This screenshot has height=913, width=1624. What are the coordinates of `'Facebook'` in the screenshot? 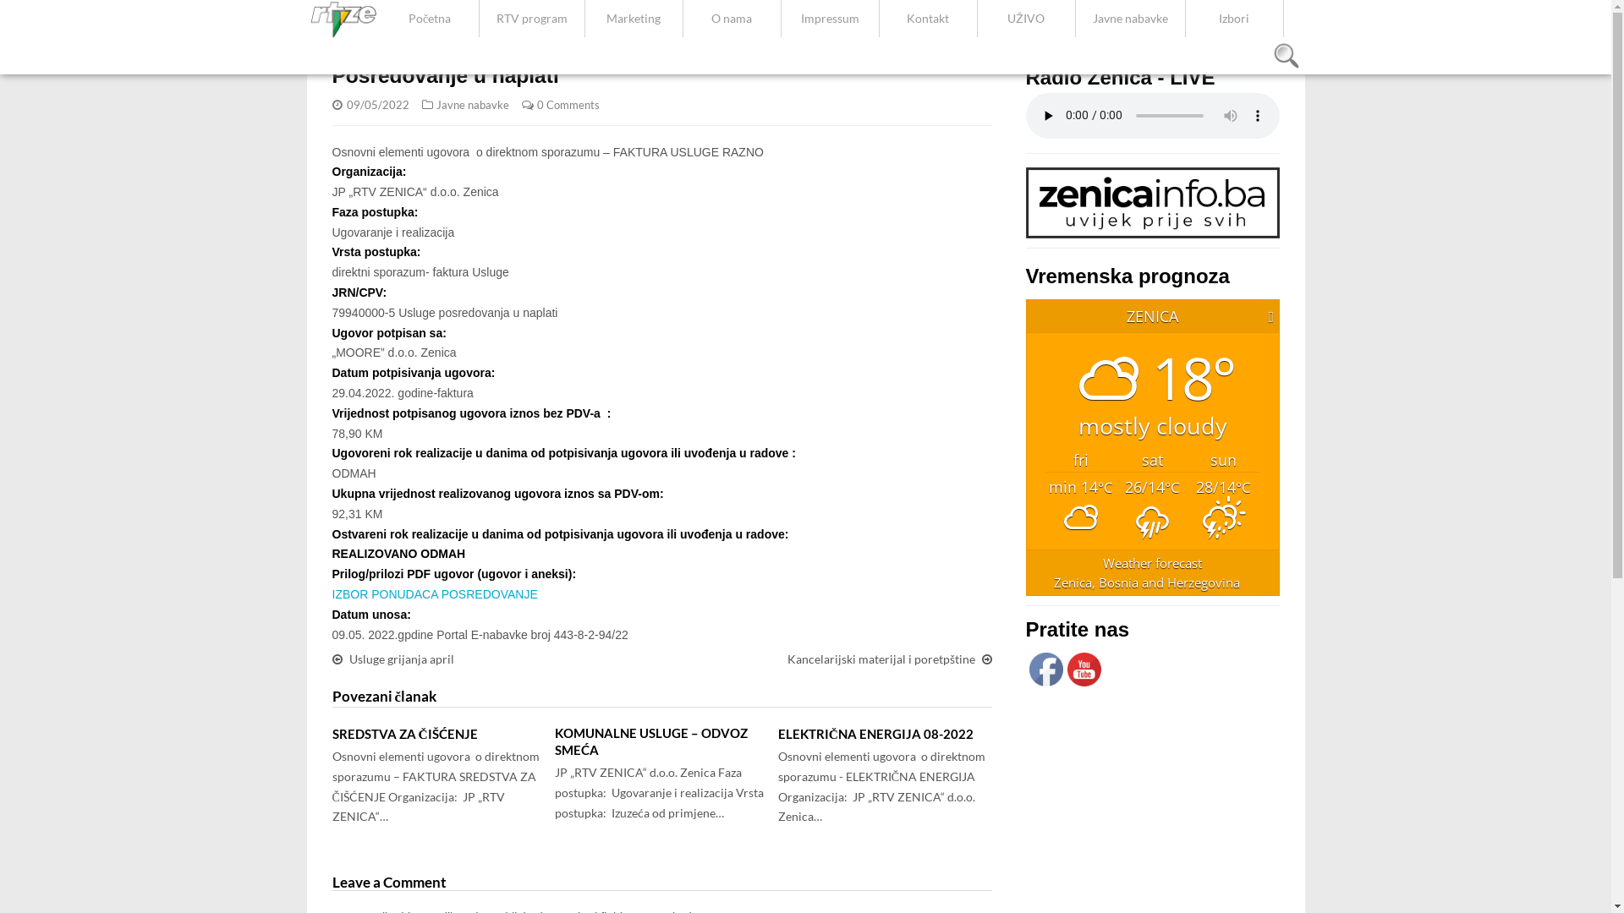 It's located at (1045, 668).